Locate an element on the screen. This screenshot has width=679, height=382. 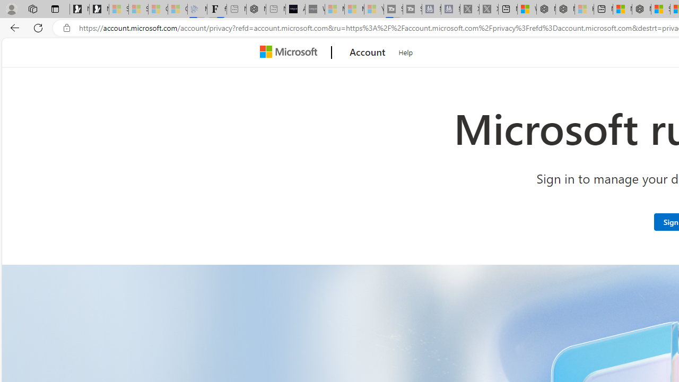
'Newsletter Sign Up' is located at coordinates (99, 9).